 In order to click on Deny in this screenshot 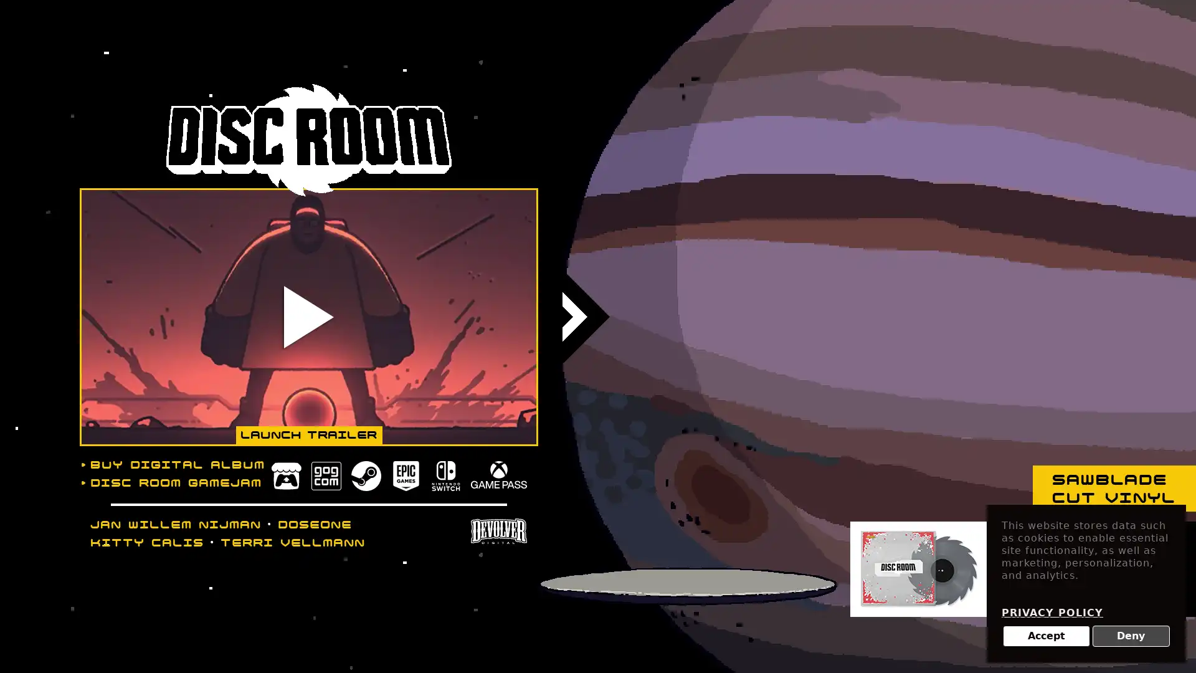, I will do `click(1131, 636)`.